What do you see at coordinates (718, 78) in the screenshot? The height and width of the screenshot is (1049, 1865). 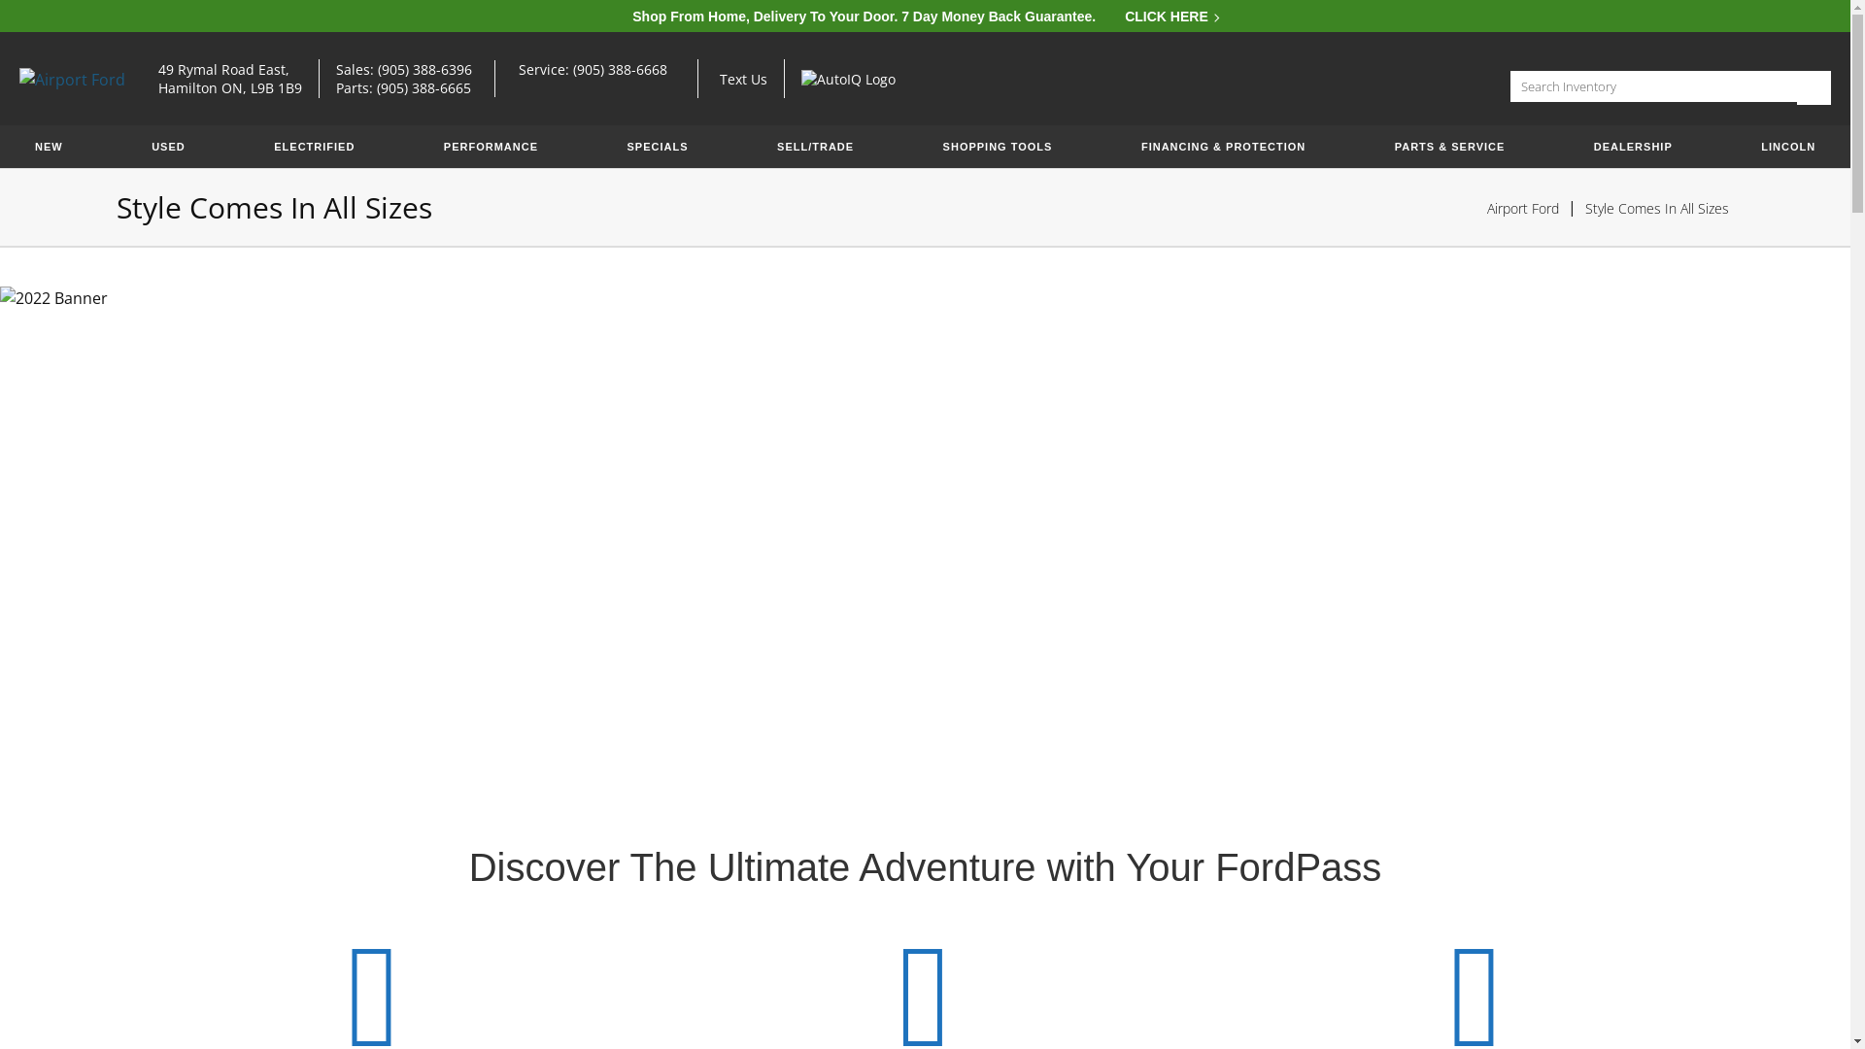 I see `'Text Us'` at bounding box center [718, 78].